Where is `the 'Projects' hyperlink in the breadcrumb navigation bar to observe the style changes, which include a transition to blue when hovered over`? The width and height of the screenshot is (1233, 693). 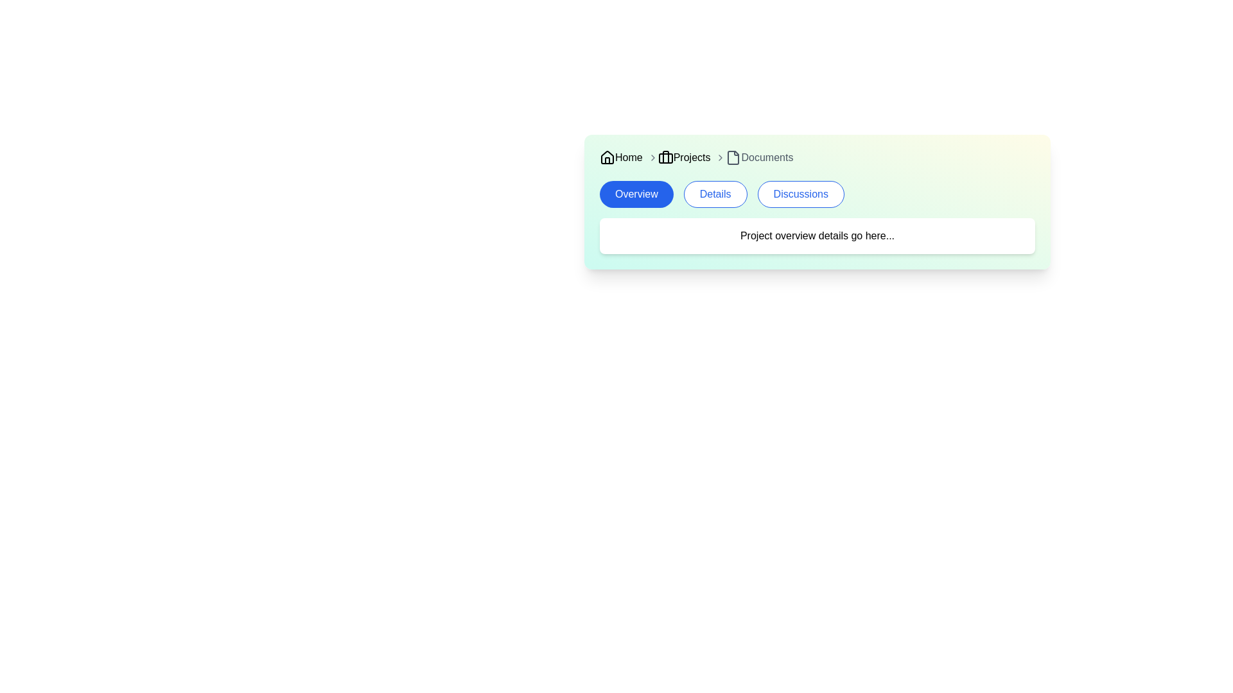
the 'Projects' hyperlink in the breadcrumb navigation bar to observe the style changes, which include a transition to blue when hovered over is located at coordinates (683, 157).